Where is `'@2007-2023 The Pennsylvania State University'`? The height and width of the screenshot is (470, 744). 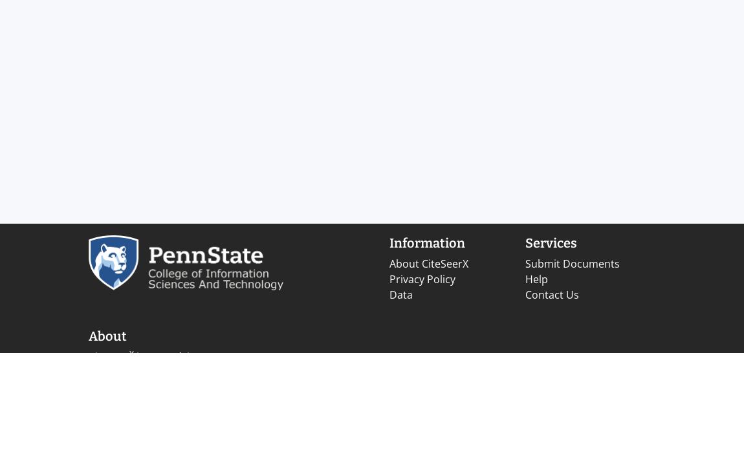 '@2007-2023 The Pennsylvania State University' is located at coordinates (134, 428).